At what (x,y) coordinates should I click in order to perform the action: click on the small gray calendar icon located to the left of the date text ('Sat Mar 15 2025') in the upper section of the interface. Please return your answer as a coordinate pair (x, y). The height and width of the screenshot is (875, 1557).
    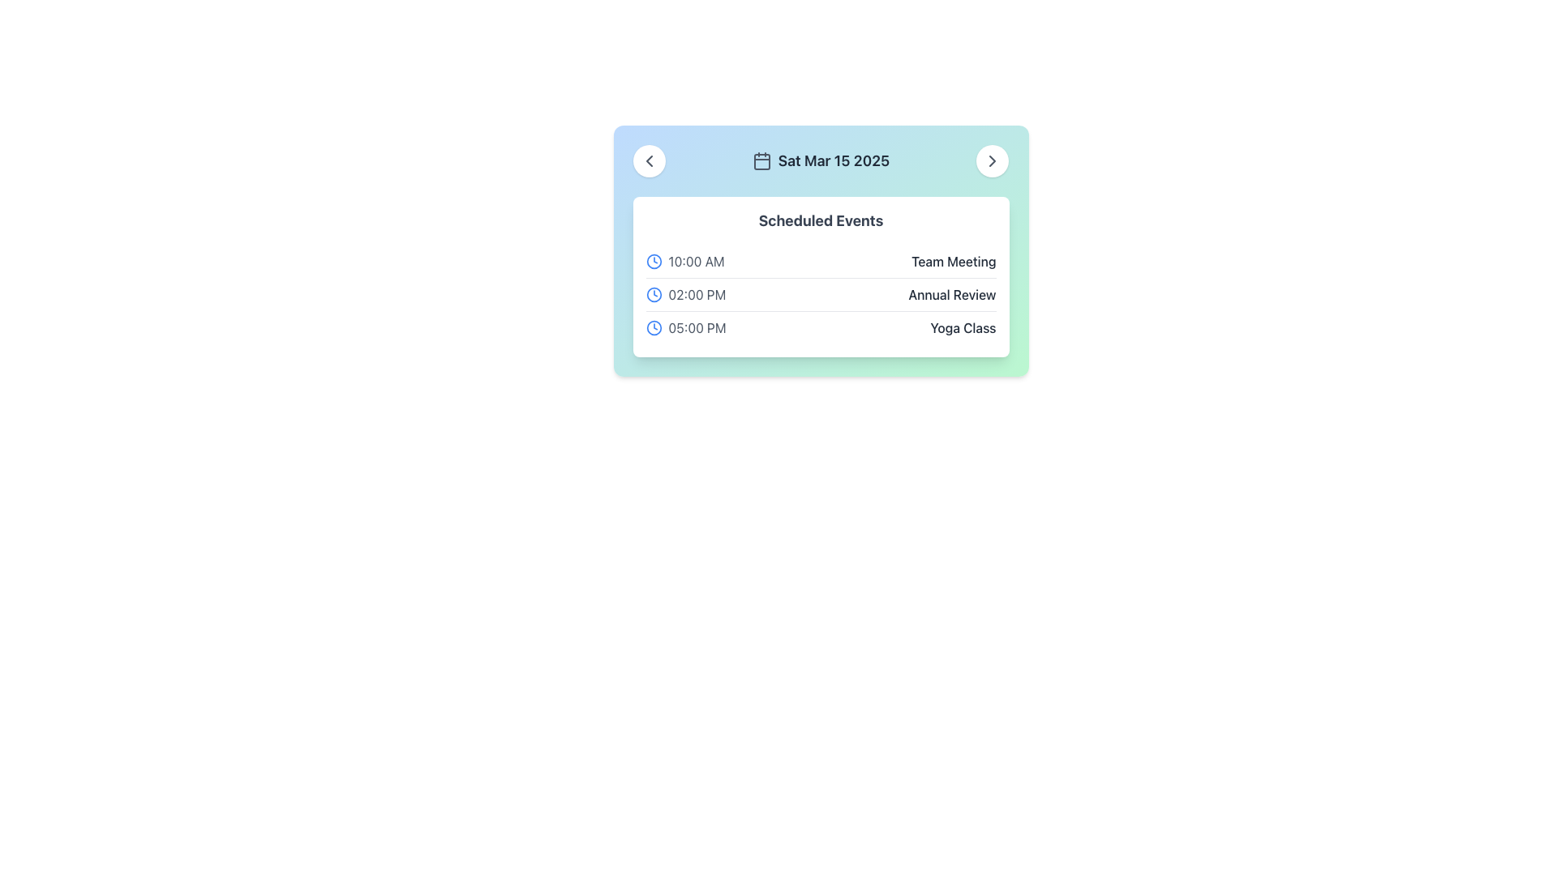
    Looking at the image, I should click on (761, 161).